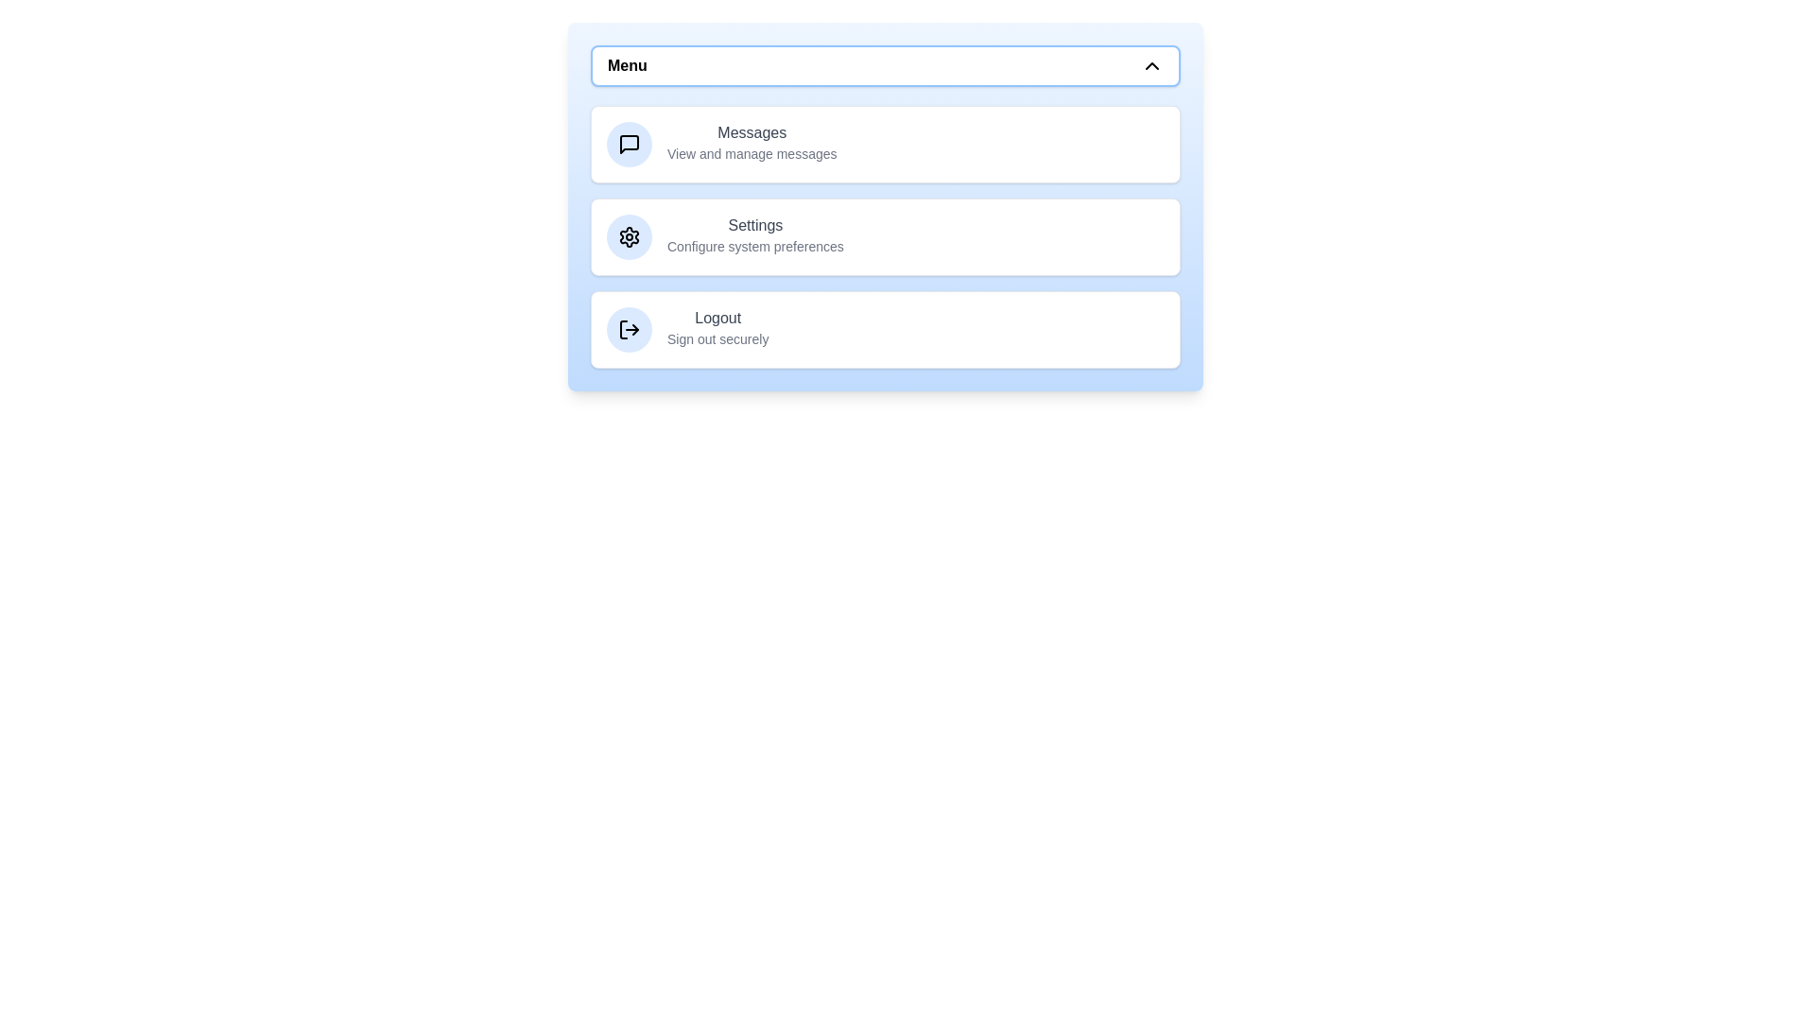 Image resolution: width=1815 pixels, height=1021 pixels. What do you see at coordinates (630, 144) in the screenshot?
I see `the icon for Messages in the menu` at bounding box center [630, 144].